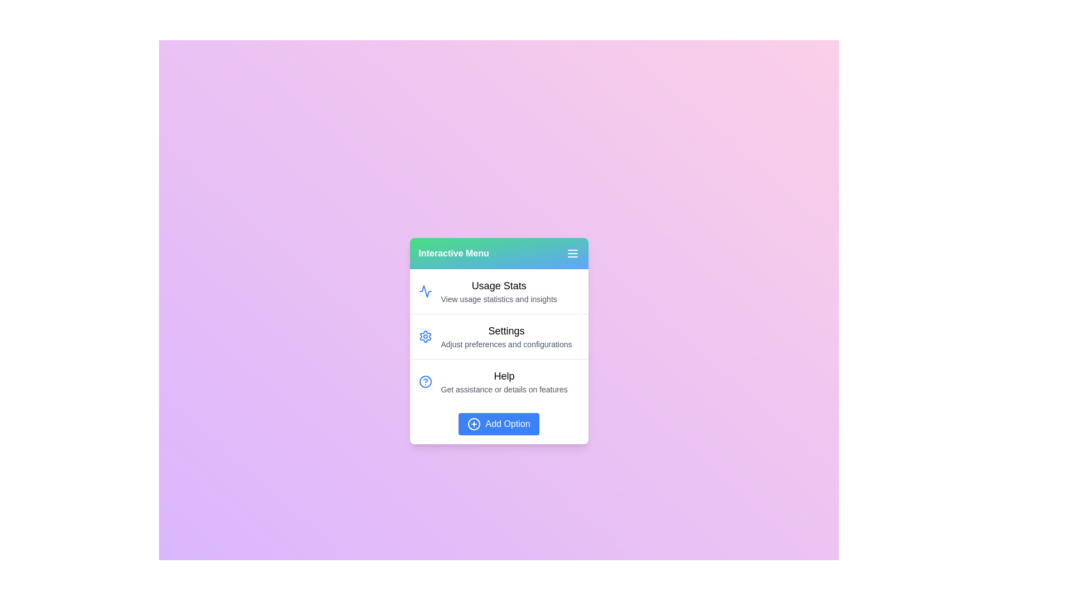 The image size is (1071, 602). Describe the element at coordinates (498, 254) in the screenshot. I see `the header of the menu to toggle its visibility` at that location.